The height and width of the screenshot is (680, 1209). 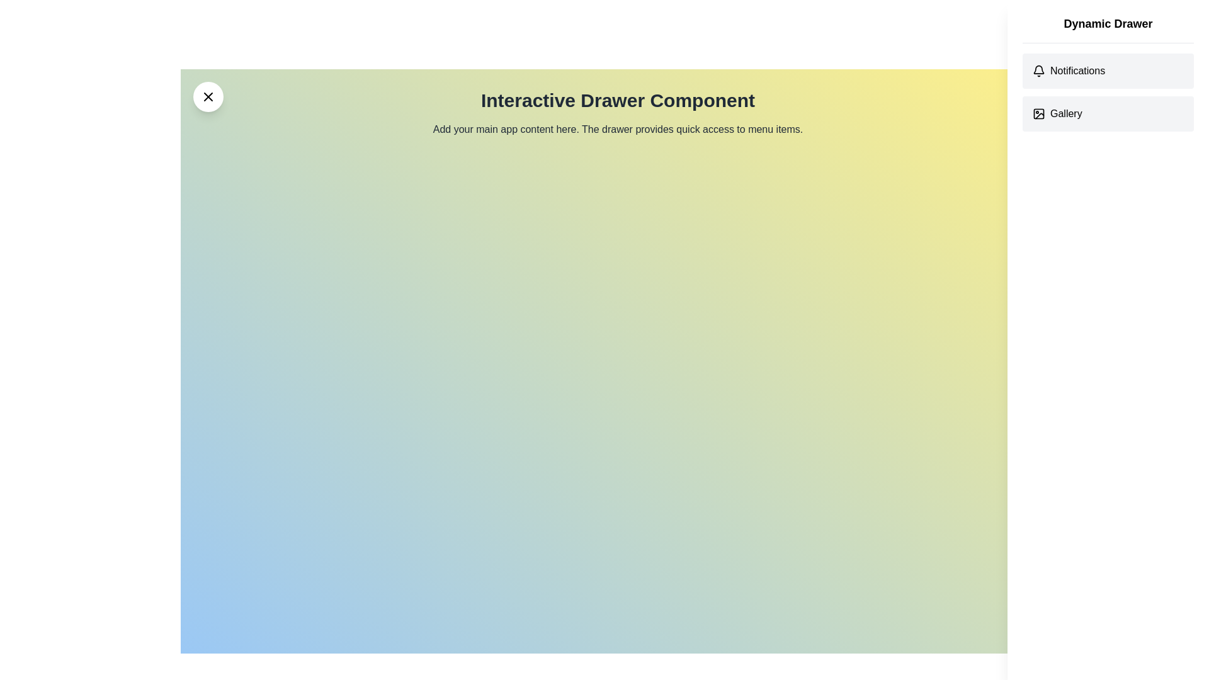 What do you see at coordinates (618, 129) in the screenshot?
I see `the static text element that reads 'Add your main app content here. The drawer provides quick access to menu items.' which is located underneath the title 'Interactive Drawer Component'` at bounding box center [618, 129].